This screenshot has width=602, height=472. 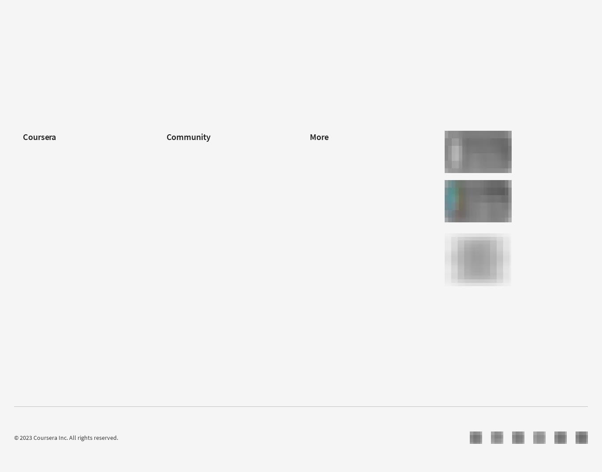 What do you see at coordinates (65, 436) in the screenshot?
I see `'© 2023 Coursera Inc. All rights reserved.'` at bounding box center [65, 436].